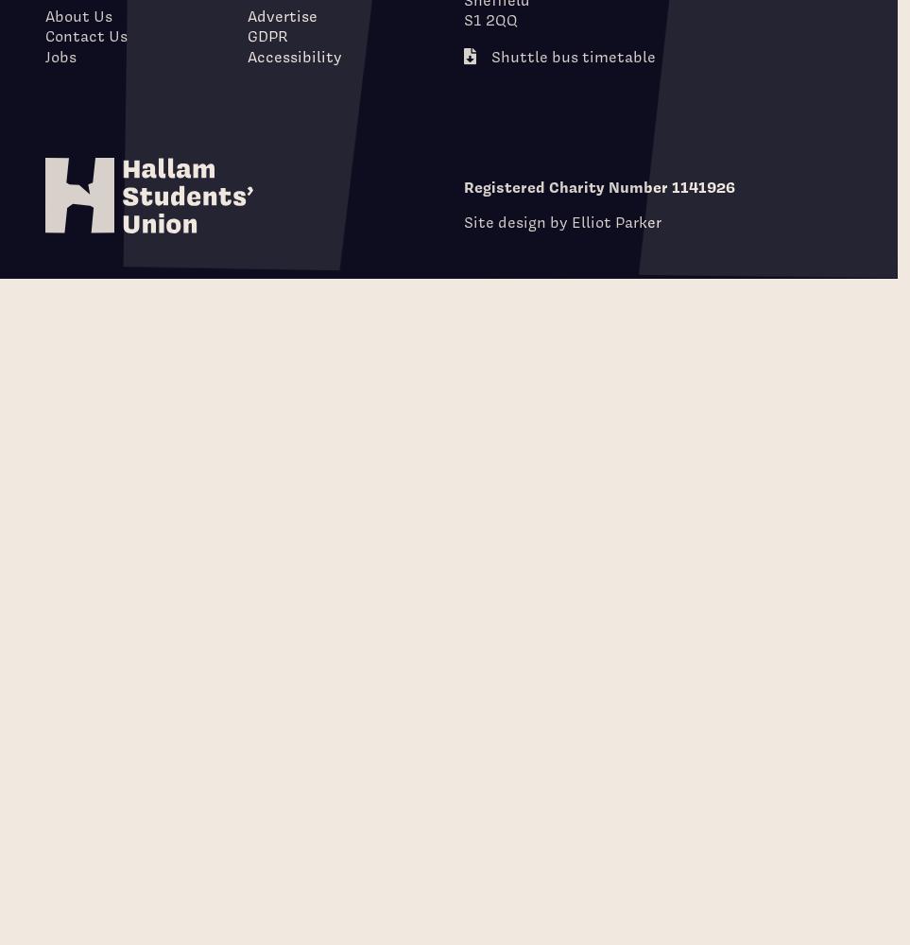 This screenshot has width=910, height=945. What do you see at coordinates (84, 36) in the screenshot?
I see `'Contact Us'` at bounding box center [84, 36].